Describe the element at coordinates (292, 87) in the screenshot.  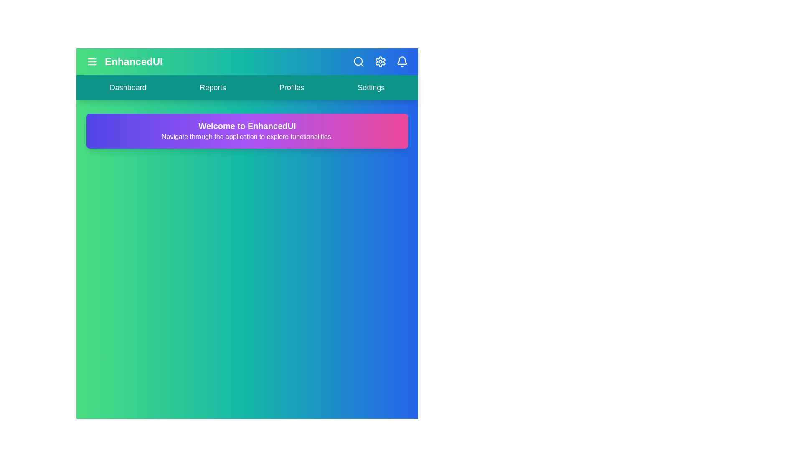
I see `the navigation link labeled Profiles to navigate to the corresponding section` at that location.